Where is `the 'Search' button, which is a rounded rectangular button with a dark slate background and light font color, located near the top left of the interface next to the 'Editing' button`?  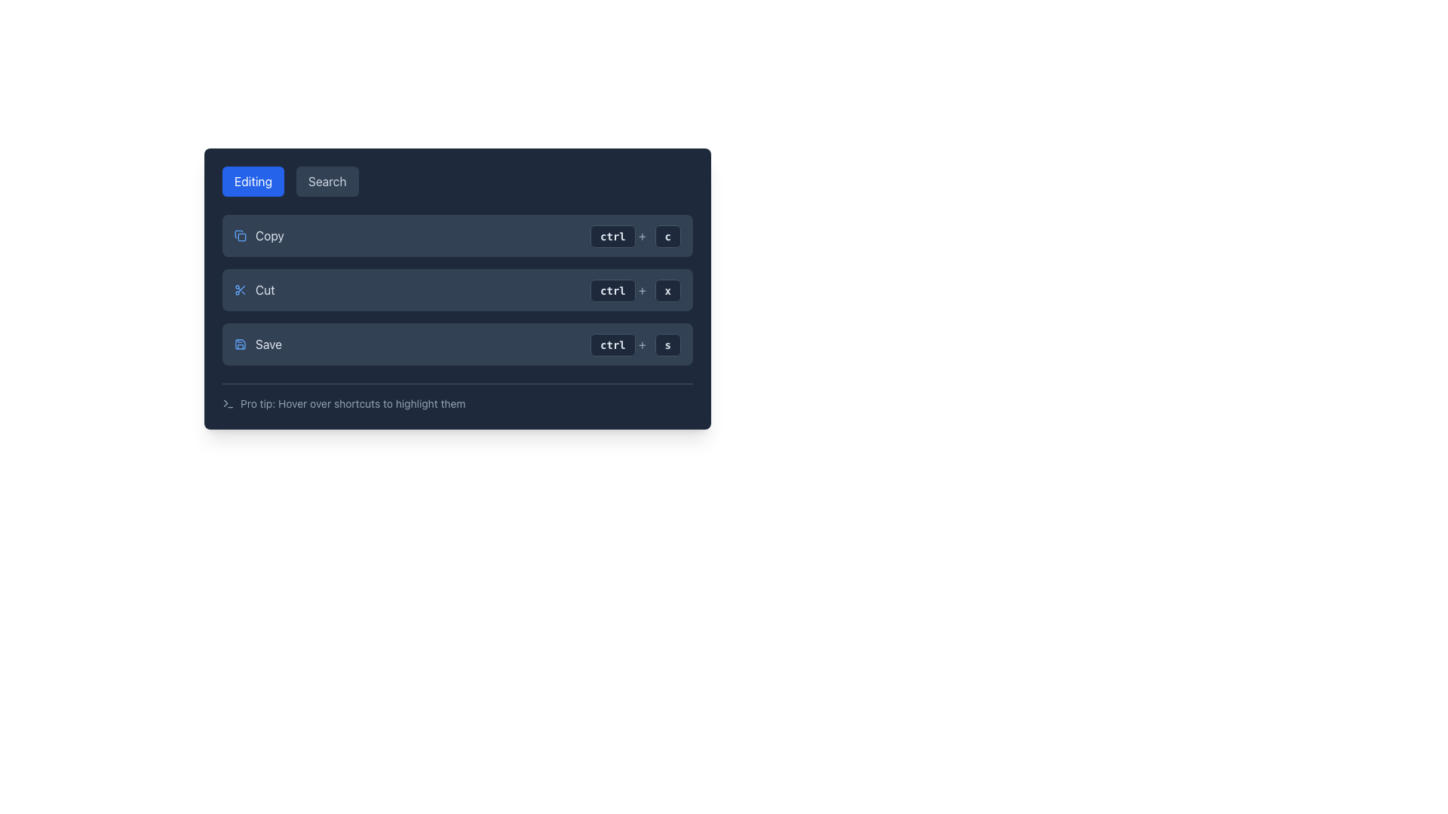
the 'Search' button, which is a rounded rectangular button with a dark slate background and light font color, located near the top left of the interface next to the 'Editing' button is located at coordinates (327, 180).